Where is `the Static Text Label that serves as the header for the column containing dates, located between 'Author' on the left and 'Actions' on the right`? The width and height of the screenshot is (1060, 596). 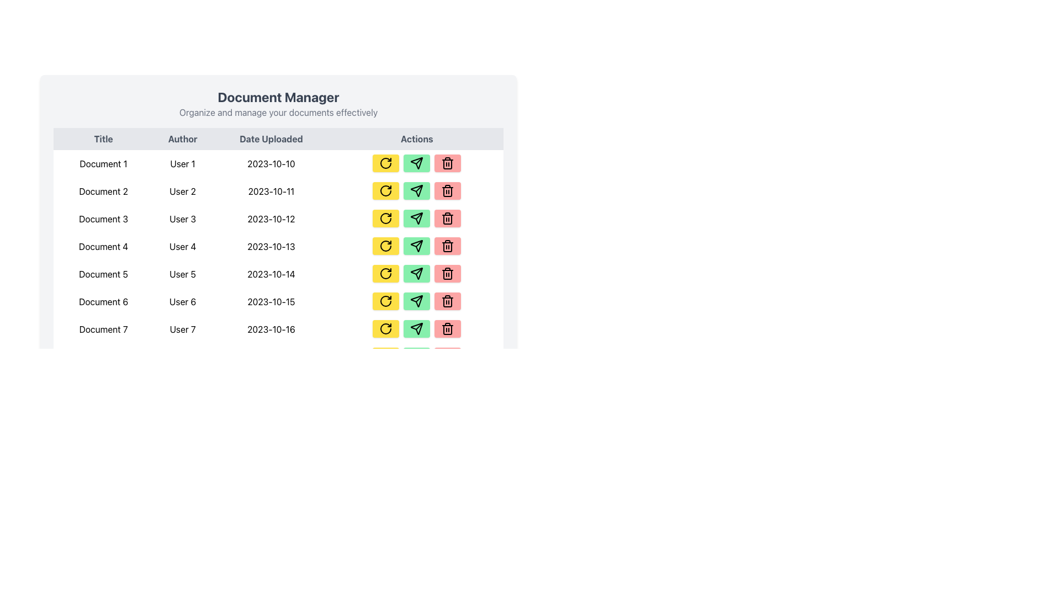 the Static Text Label that serves as the header for the column containing dates, located between 'Author' on the left and 'Actions' on the right is located at coordinates (271, 138).